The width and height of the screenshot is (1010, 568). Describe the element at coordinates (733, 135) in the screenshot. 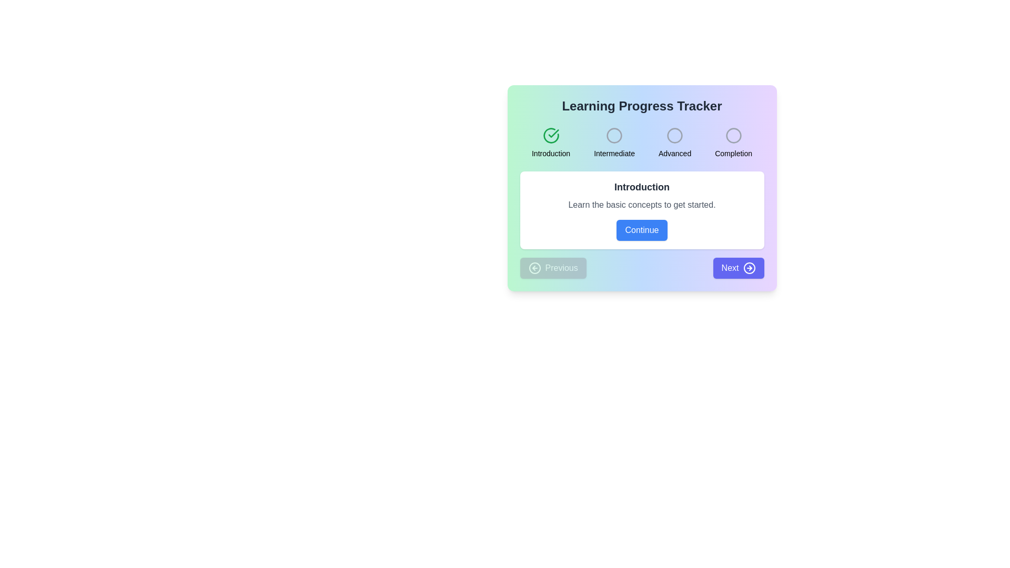

I see `the fourth circular icon with a thin border and transparent center, which is aligned with the 'Completion' label in the learning progress tracker interface` at that location.